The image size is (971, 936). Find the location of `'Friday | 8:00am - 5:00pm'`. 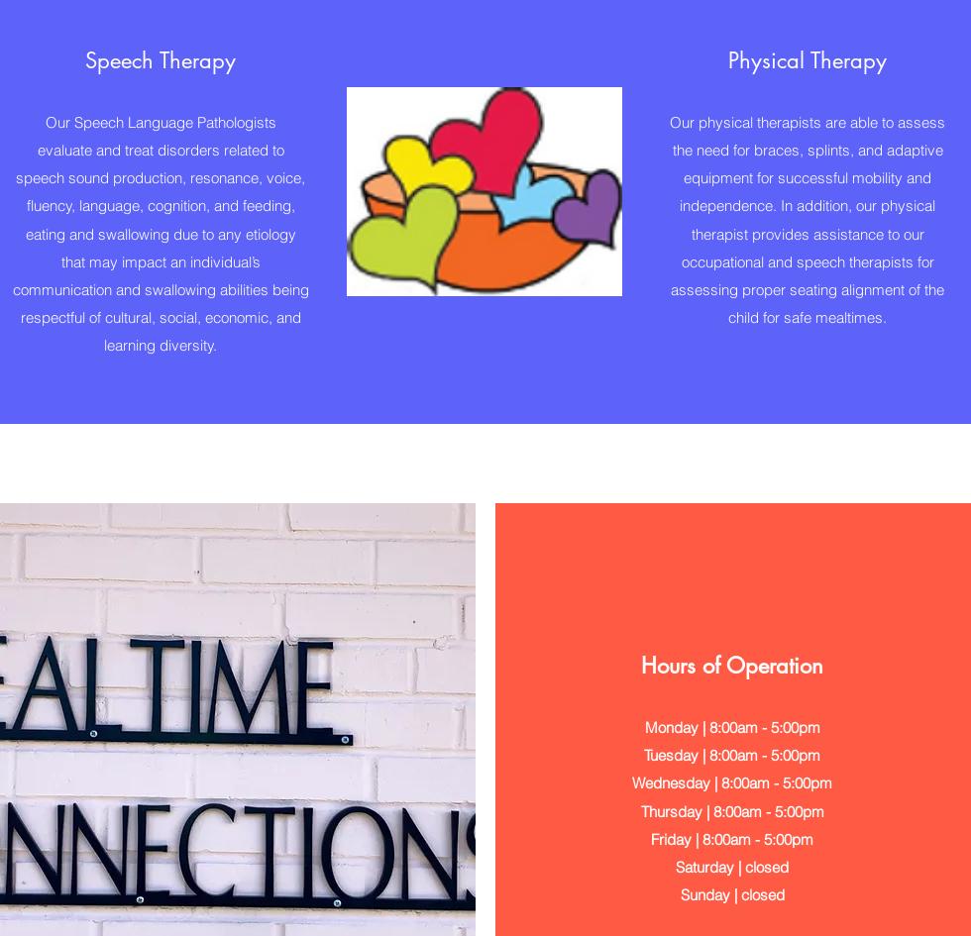

'Friday | 8:00am - 5:00pm' is located at coordinates (650, 838).